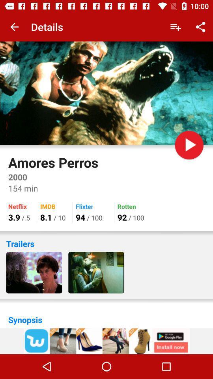  Describe the element at coordinates (189, 144) in the screenshot. I see `pause` at that location.